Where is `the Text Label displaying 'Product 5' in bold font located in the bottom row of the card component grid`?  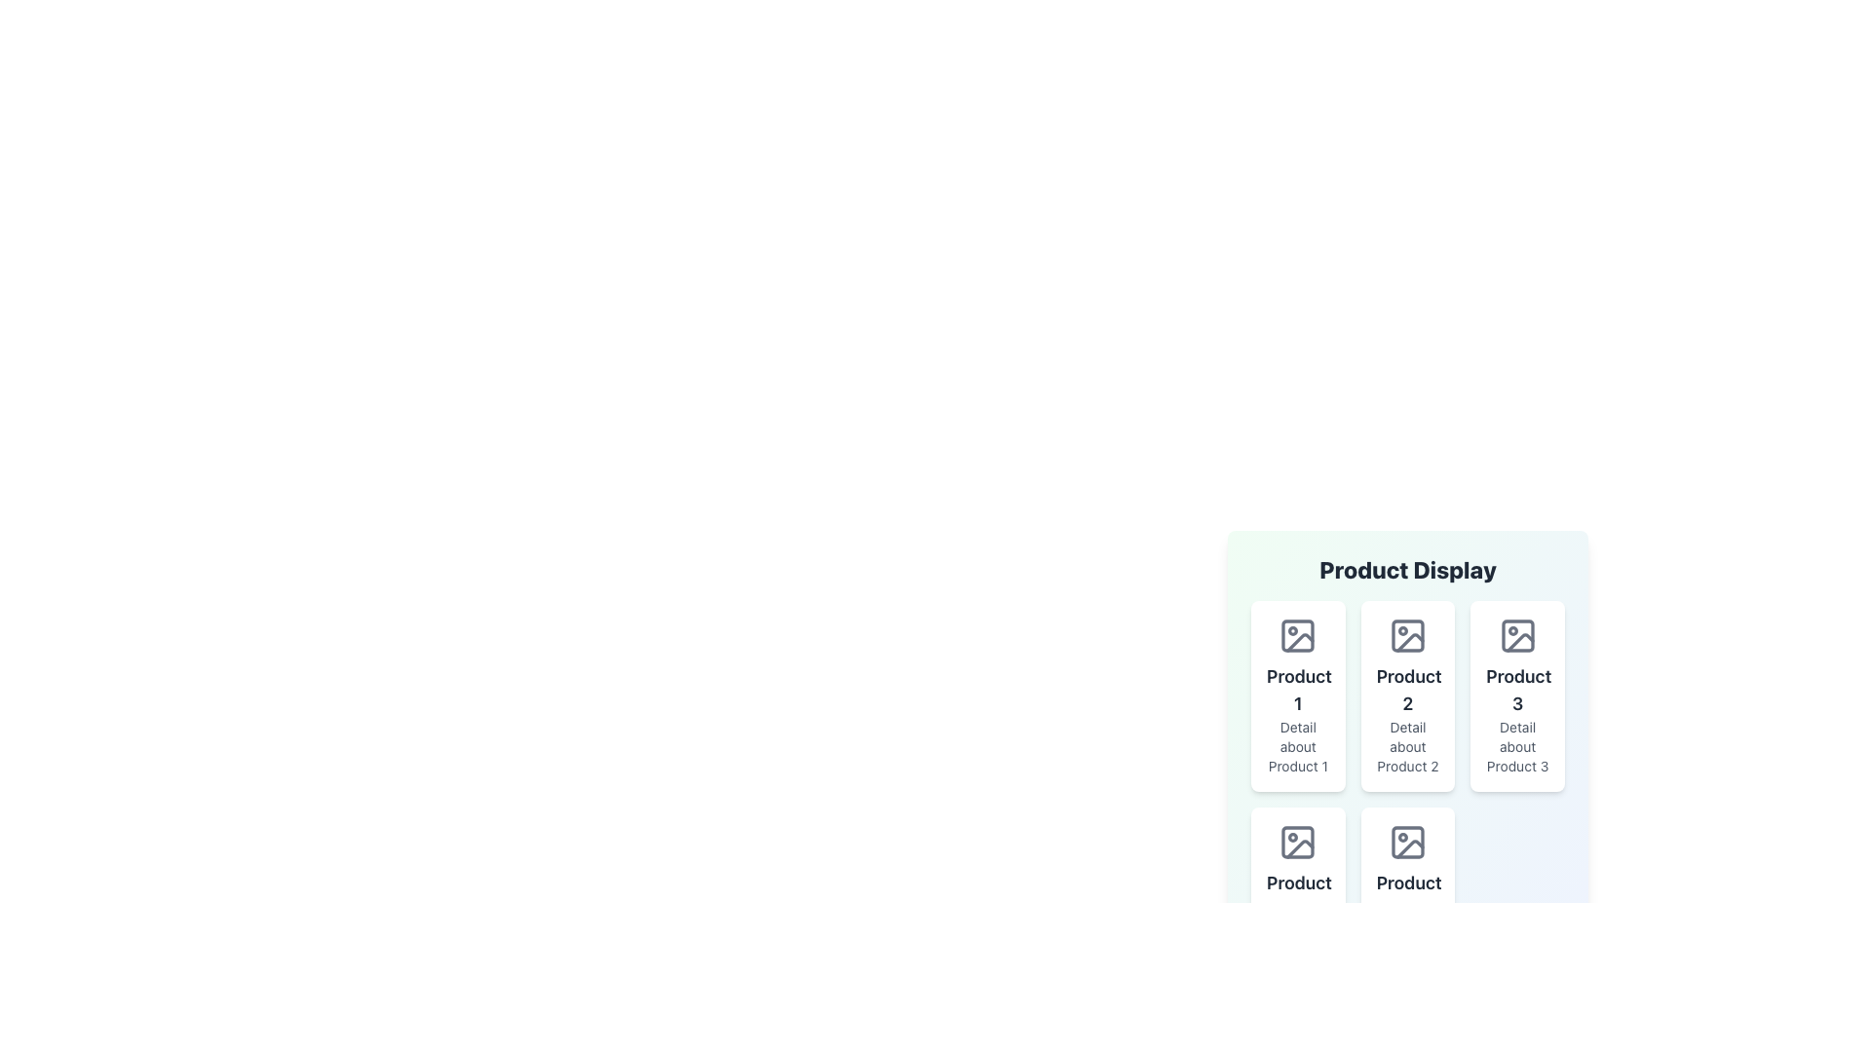 the Text Label displaying 'Product 5' in bold font located in the bottom row of the card component grid is located at coordinates (1407, 897).